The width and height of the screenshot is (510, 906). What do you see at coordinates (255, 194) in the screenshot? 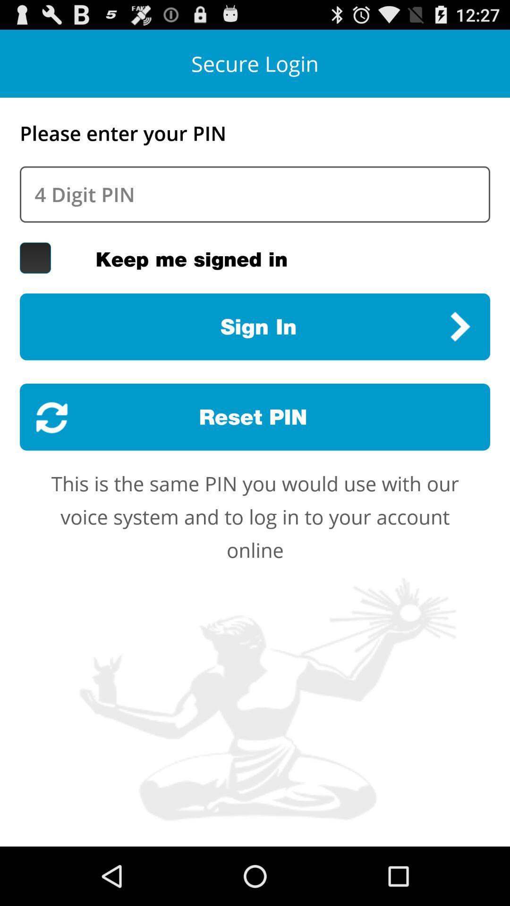
I see `information` at bounding box center [255, 194].